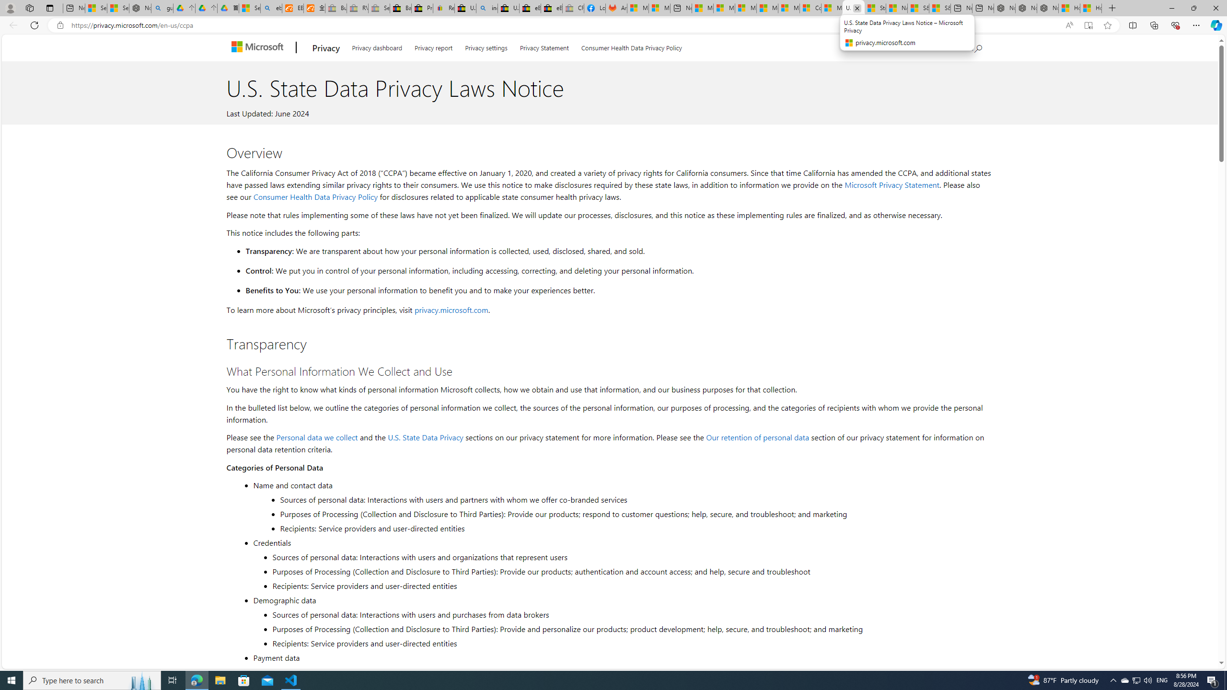  I want to click on 'Microsoft Privacy Statement', so click(891, 184).